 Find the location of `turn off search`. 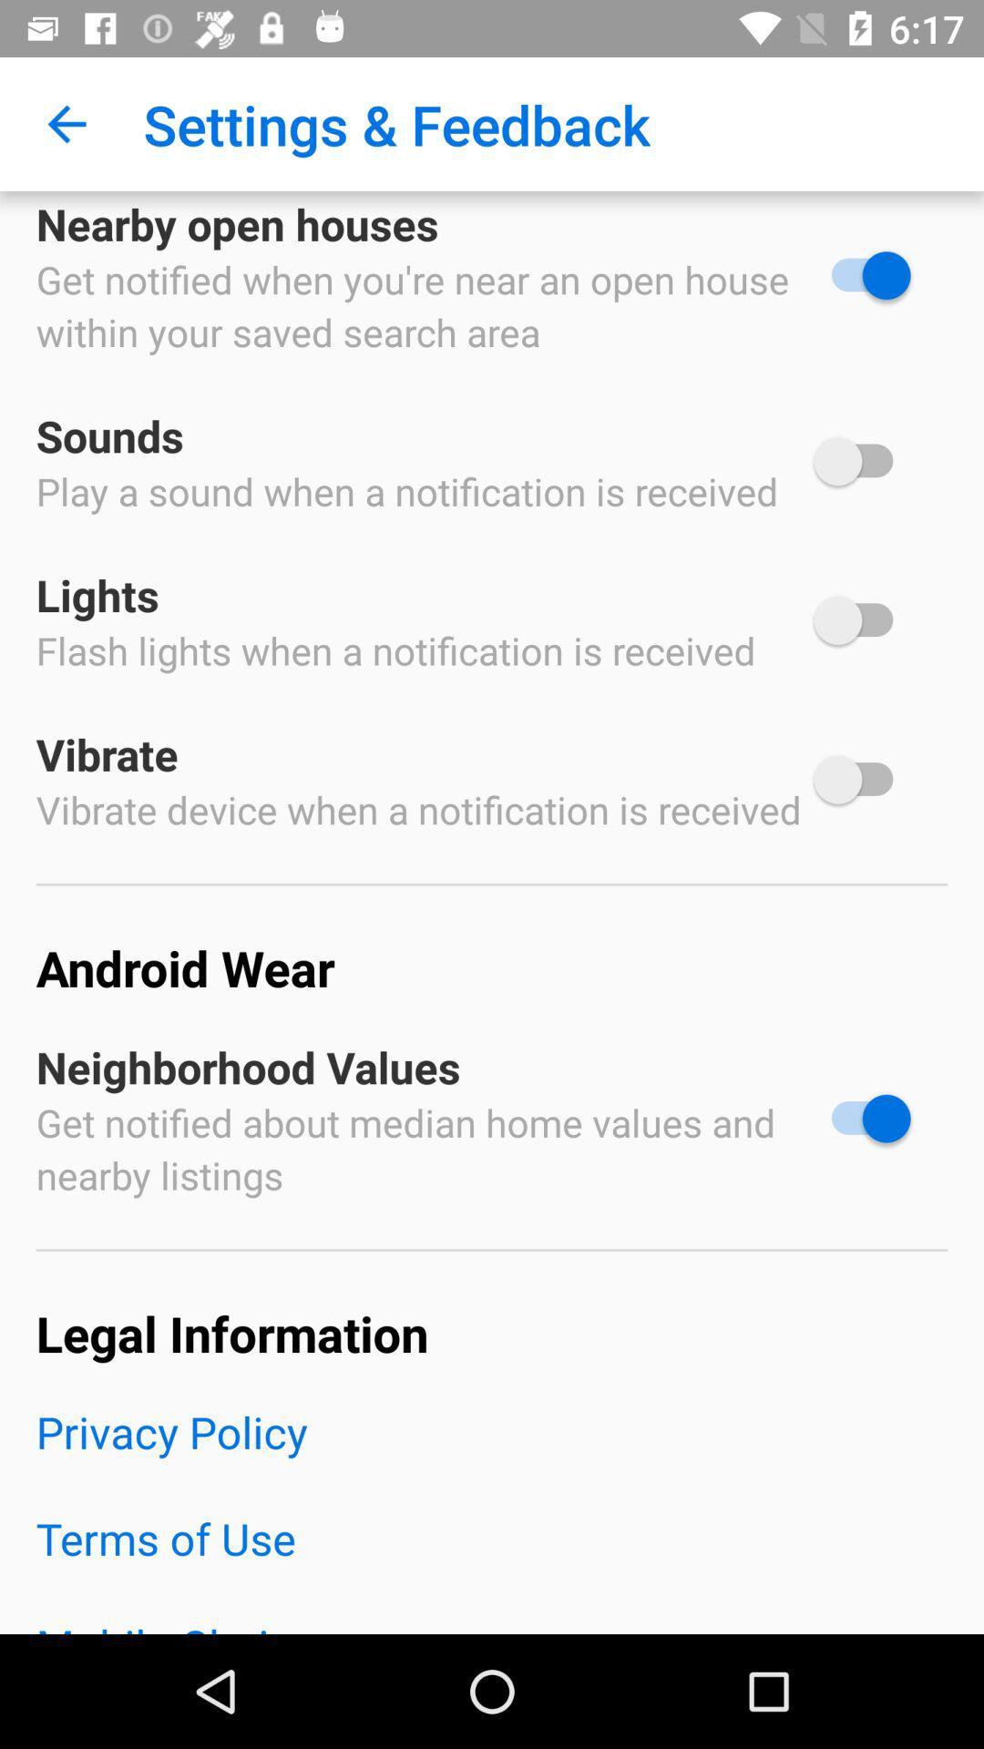

turn off search is located at coordinates (861, 274).